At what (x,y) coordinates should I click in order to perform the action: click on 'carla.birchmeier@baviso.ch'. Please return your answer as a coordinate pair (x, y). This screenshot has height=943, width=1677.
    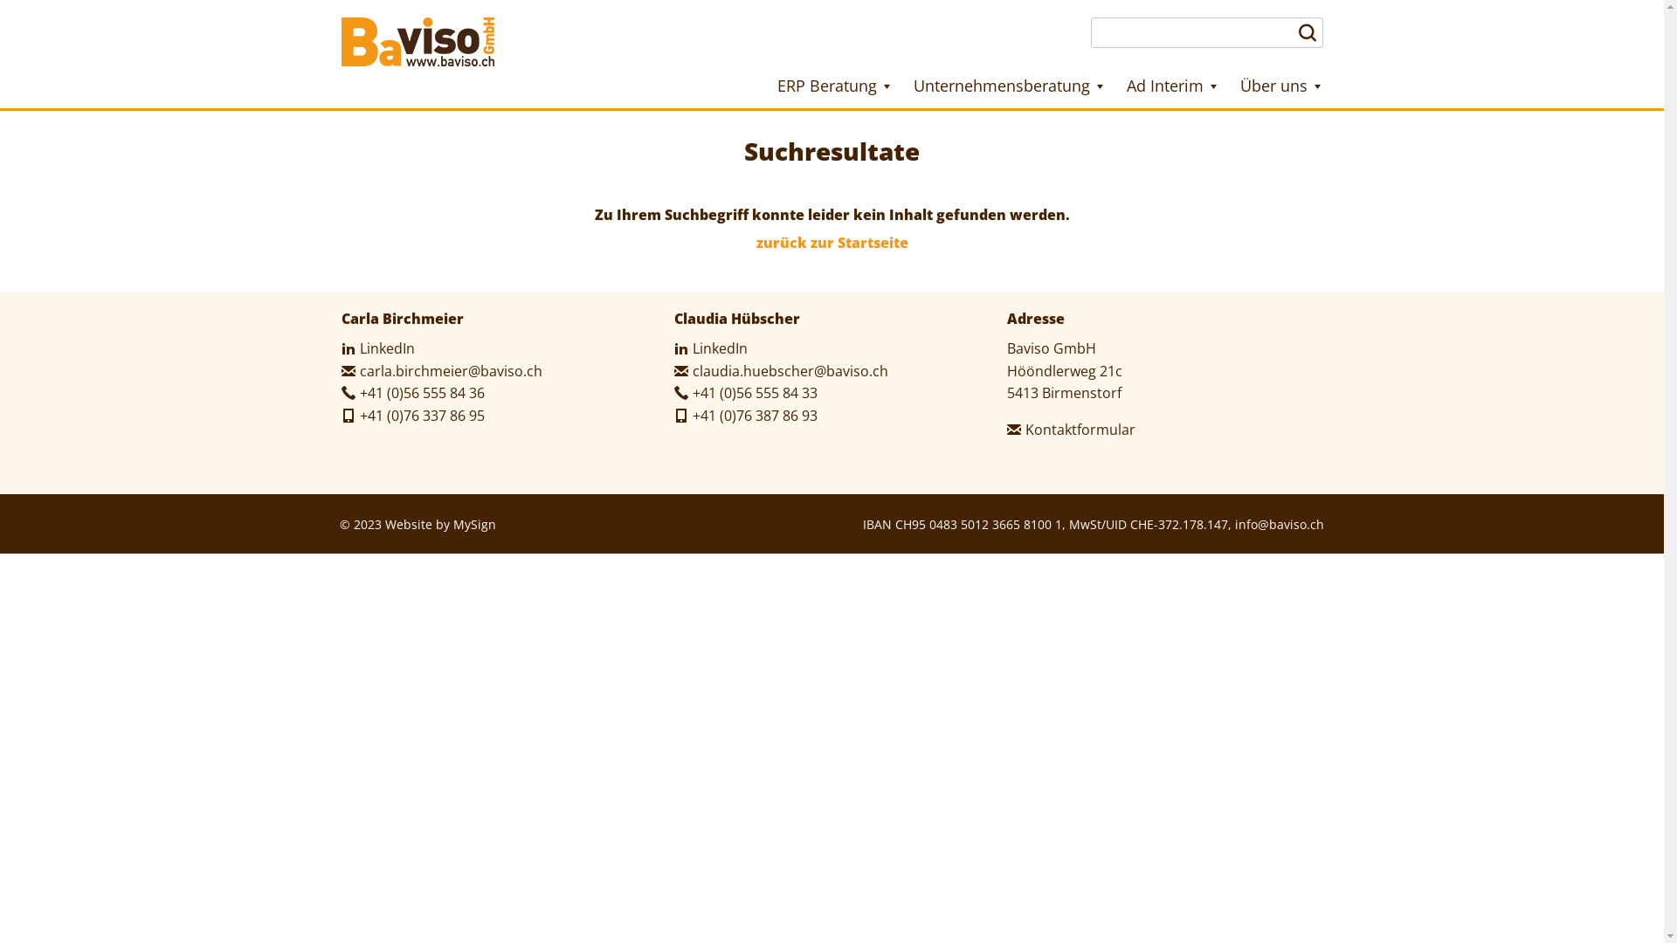
    Looking at the image, I should click on (440, 369).